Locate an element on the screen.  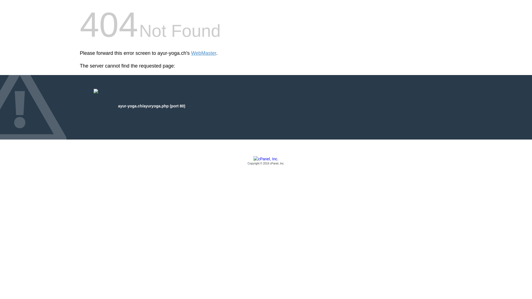
'WebMaster' is located at coordinates (203, 53).